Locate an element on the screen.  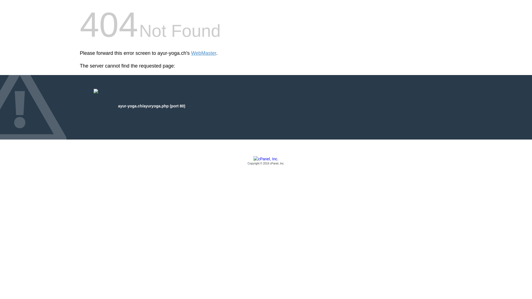
'WebMaster' is located at coordinates (203, 53).